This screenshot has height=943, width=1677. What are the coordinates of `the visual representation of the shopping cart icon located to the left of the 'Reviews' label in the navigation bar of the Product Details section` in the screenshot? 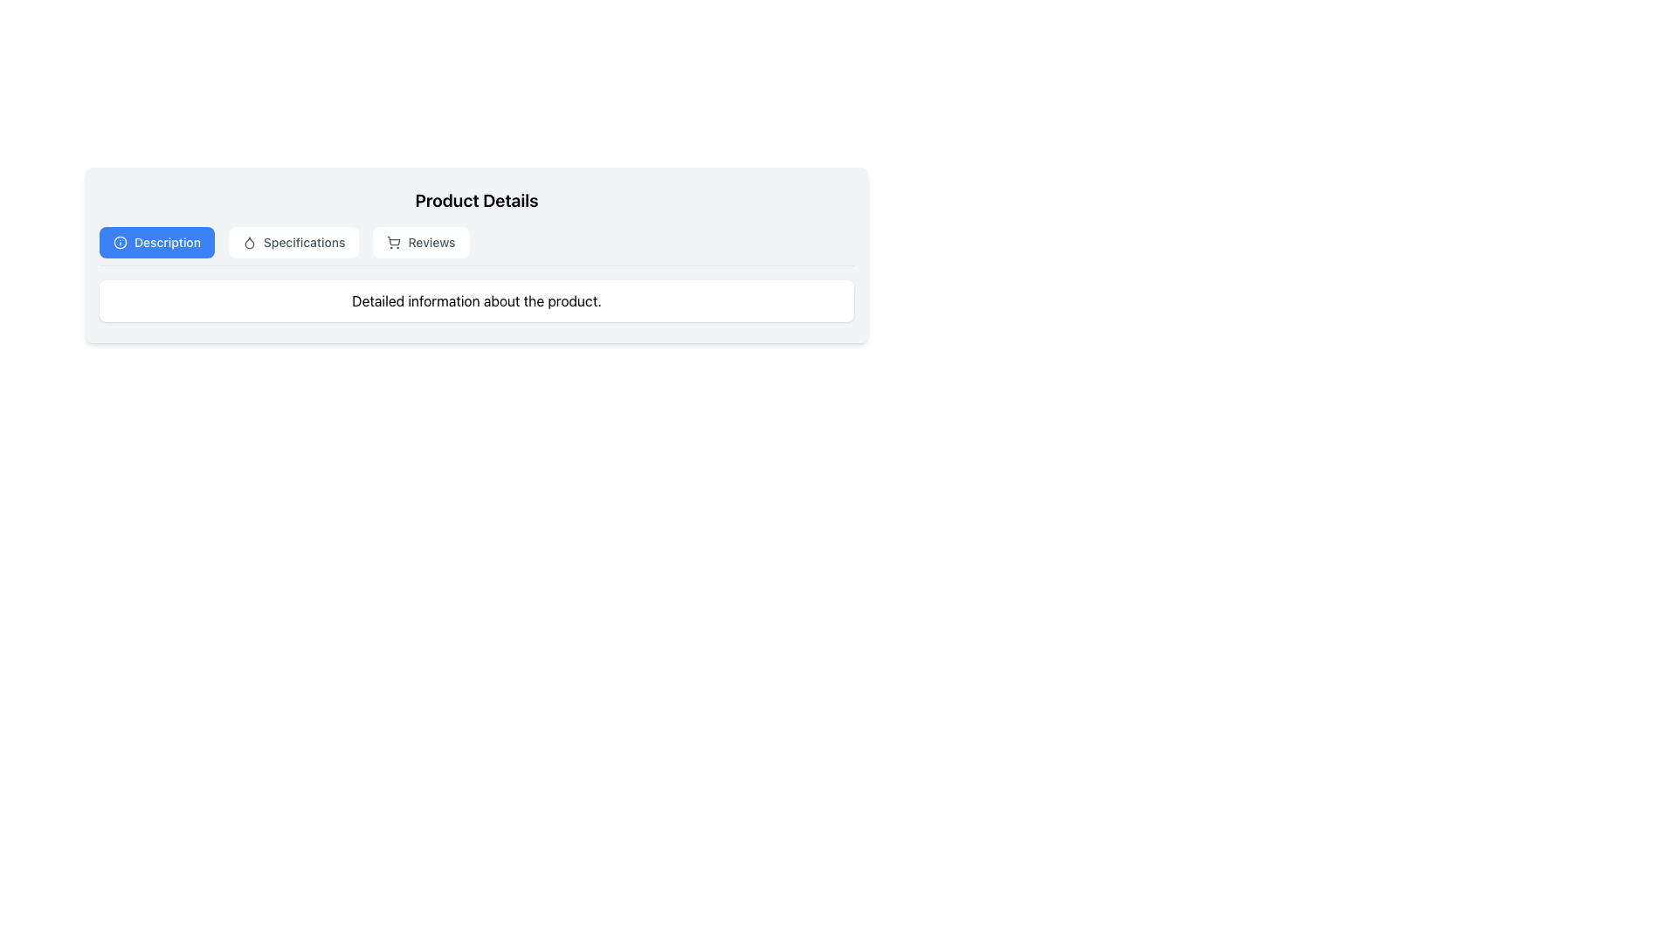 It's located at (393, 242).